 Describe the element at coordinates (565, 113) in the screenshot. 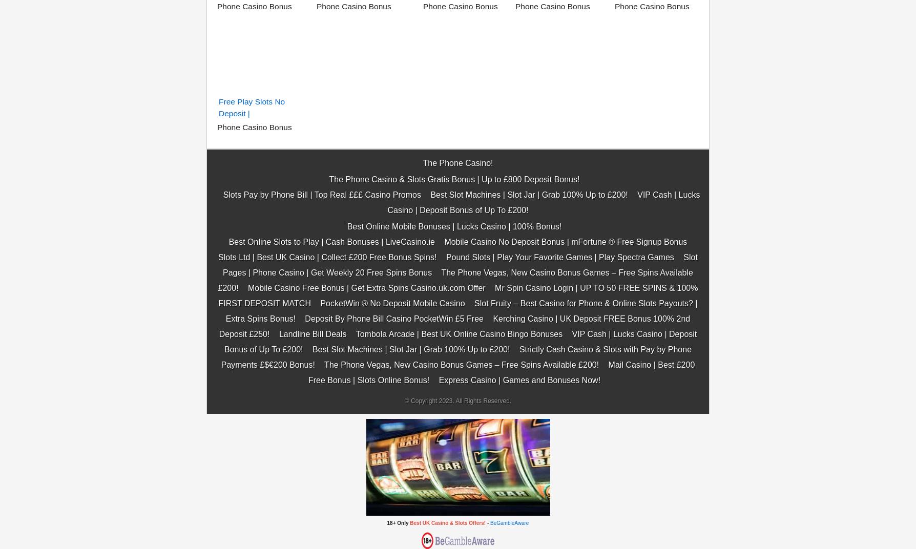

I see `'Mobile Casino No Deposit Bonus | mFortune ® Free Signup Bonus'` at that location.